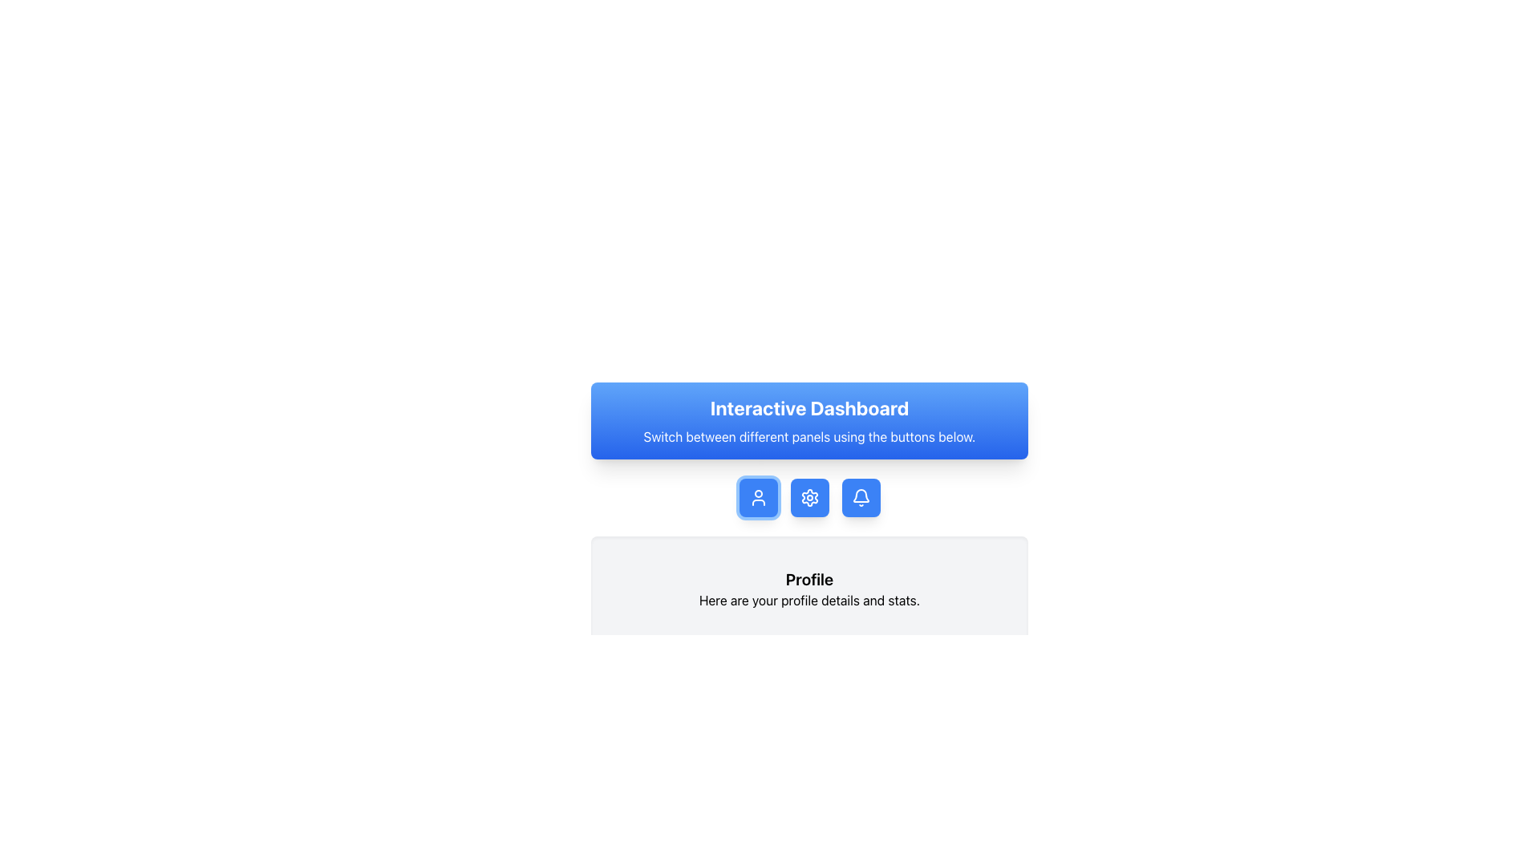  What do you see at coordinates (757, 497) in the screenshot?
I see `the blue rounded button with a white user icon, located below the 'Interactive Dashboard' header` at bounding box center [757, 497].